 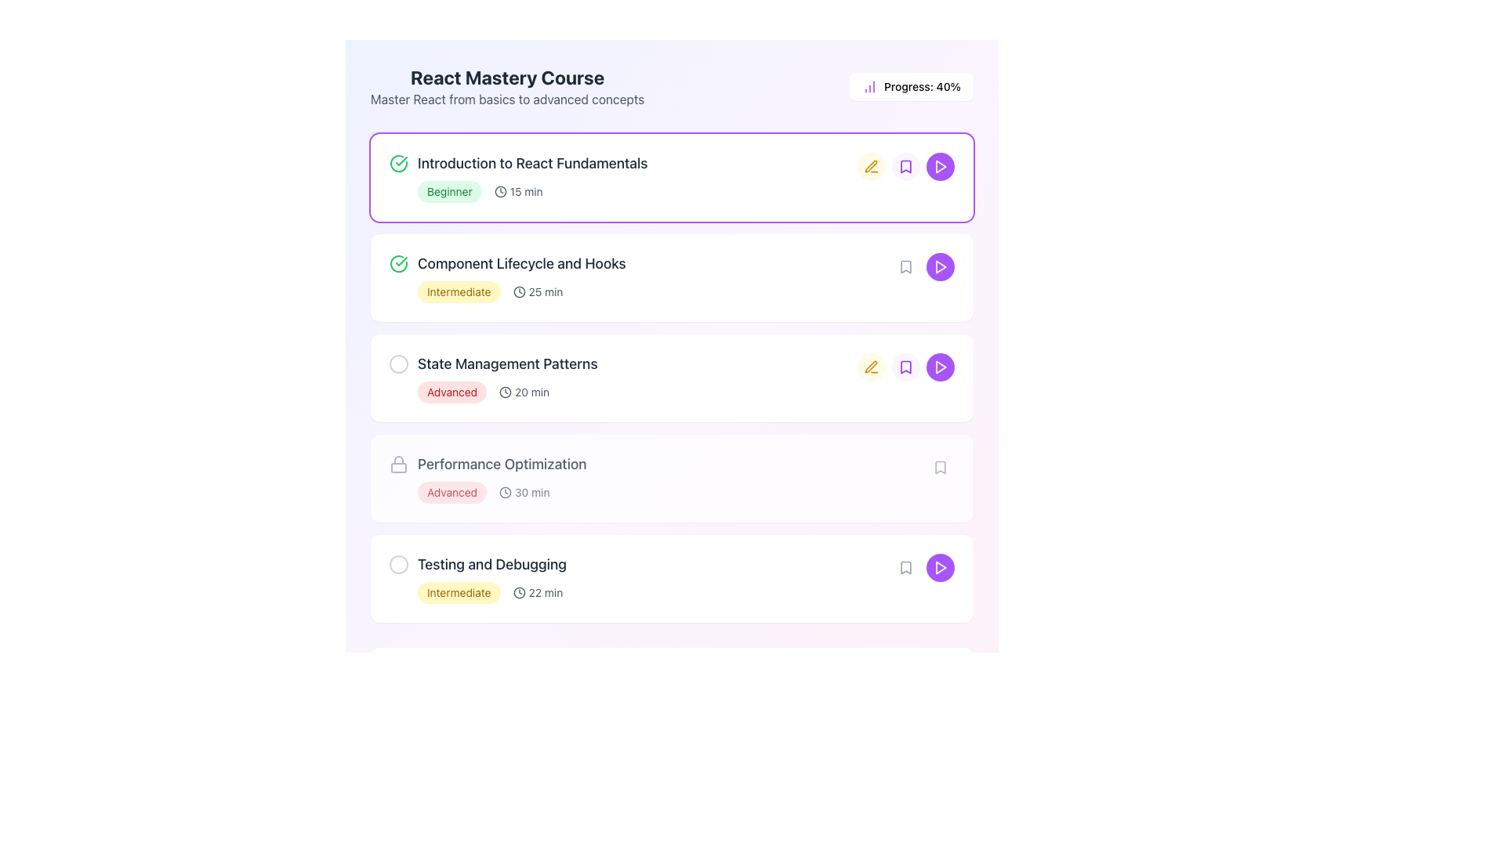 What do you see at coordinates (546, 292) in the screenshot?
I see `the text label displaying '25 min', which is styled in small-sized font and located to the right of a clock icon, indicating the duration of the 'Component Lifecycle and Hooks' course module` at bounding box center [546, 292].